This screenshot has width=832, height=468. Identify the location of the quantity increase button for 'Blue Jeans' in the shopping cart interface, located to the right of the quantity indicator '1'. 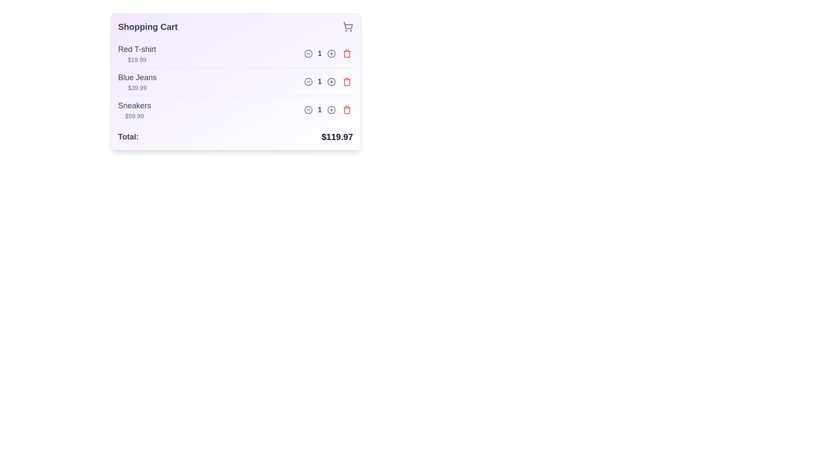
(331, 53).